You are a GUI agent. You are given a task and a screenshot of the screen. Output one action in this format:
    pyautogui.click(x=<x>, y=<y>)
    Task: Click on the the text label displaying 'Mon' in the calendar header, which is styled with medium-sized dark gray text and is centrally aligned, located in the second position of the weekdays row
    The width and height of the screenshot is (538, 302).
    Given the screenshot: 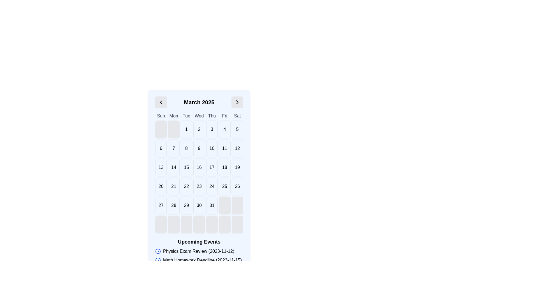 What is the action you would take?
    pyautogui.click(x=173, y=116)
    